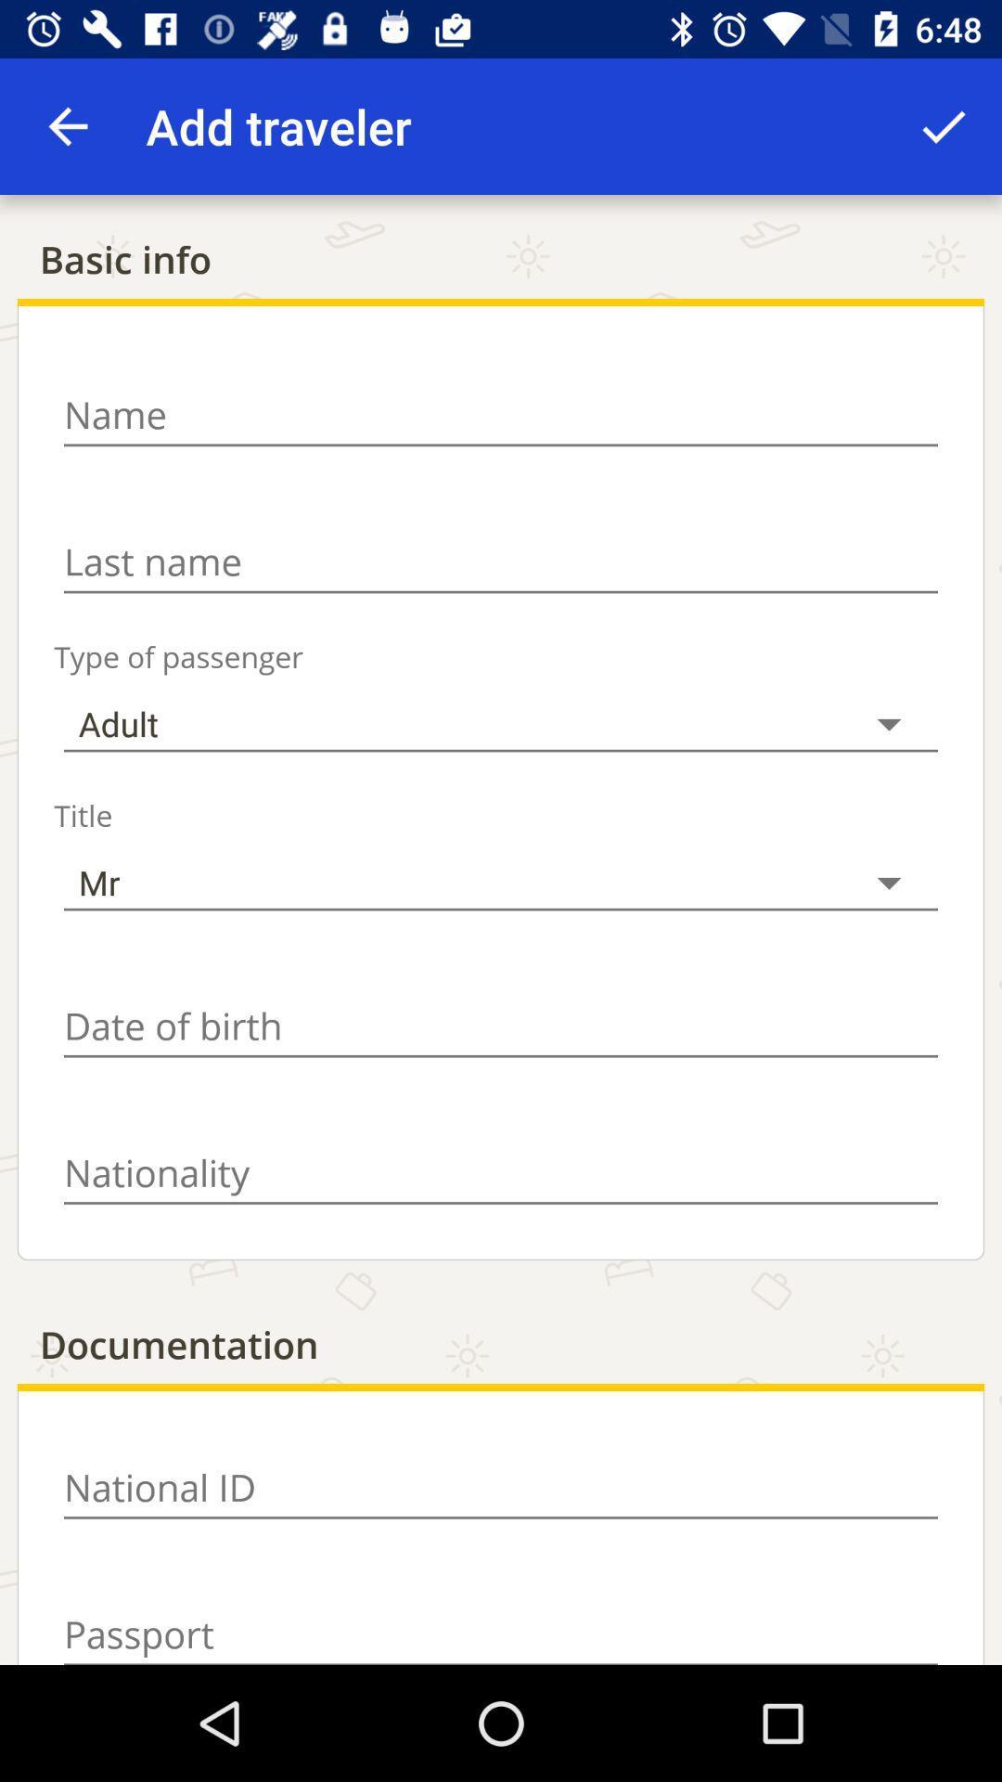 This screenshot has height=1782, width=1002. Describe the element at coordinates (501, 1172) in the screenshot. I see `set your nationality` at that location.